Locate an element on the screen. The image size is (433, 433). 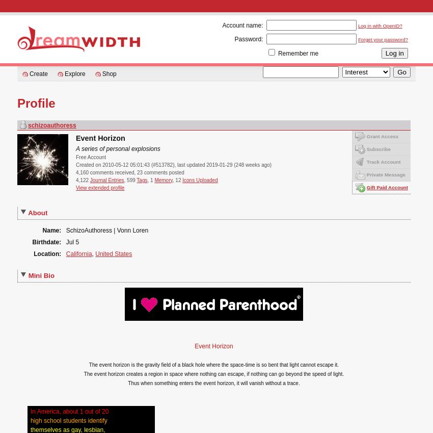
'4,122' is located at coordinates (83, 180).